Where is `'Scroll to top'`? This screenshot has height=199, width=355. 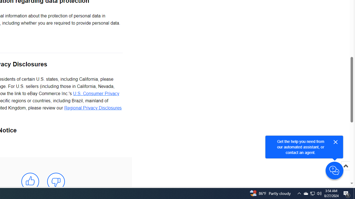 'Scroll to top' is located at coordinates (345, 165).